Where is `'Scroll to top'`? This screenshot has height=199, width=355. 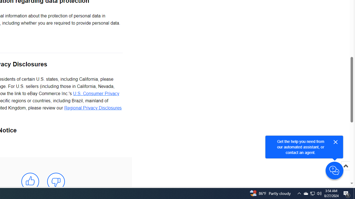 'Scroll to top' is located at coordinates (345, 165).